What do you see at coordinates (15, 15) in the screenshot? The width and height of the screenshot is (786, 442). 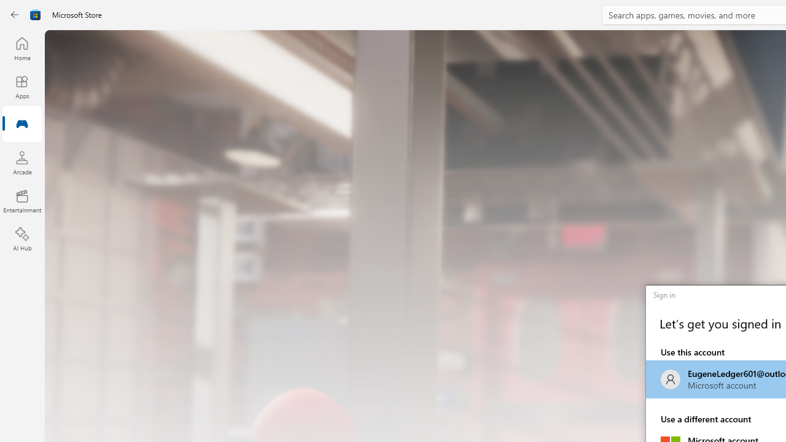 I see `'Back'` at bounding box center [15, 15].